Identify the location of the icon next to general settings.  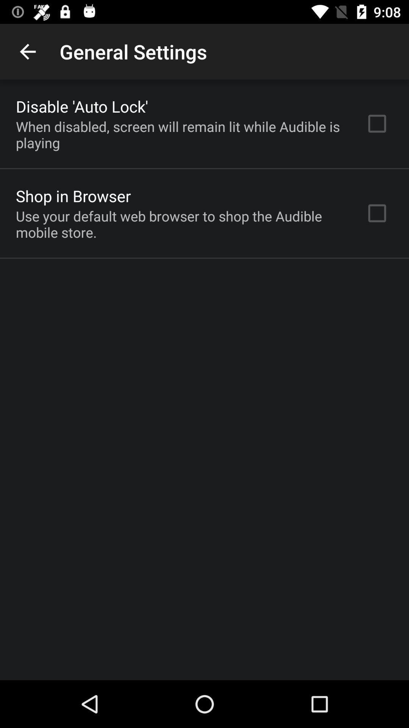
(27, 51).